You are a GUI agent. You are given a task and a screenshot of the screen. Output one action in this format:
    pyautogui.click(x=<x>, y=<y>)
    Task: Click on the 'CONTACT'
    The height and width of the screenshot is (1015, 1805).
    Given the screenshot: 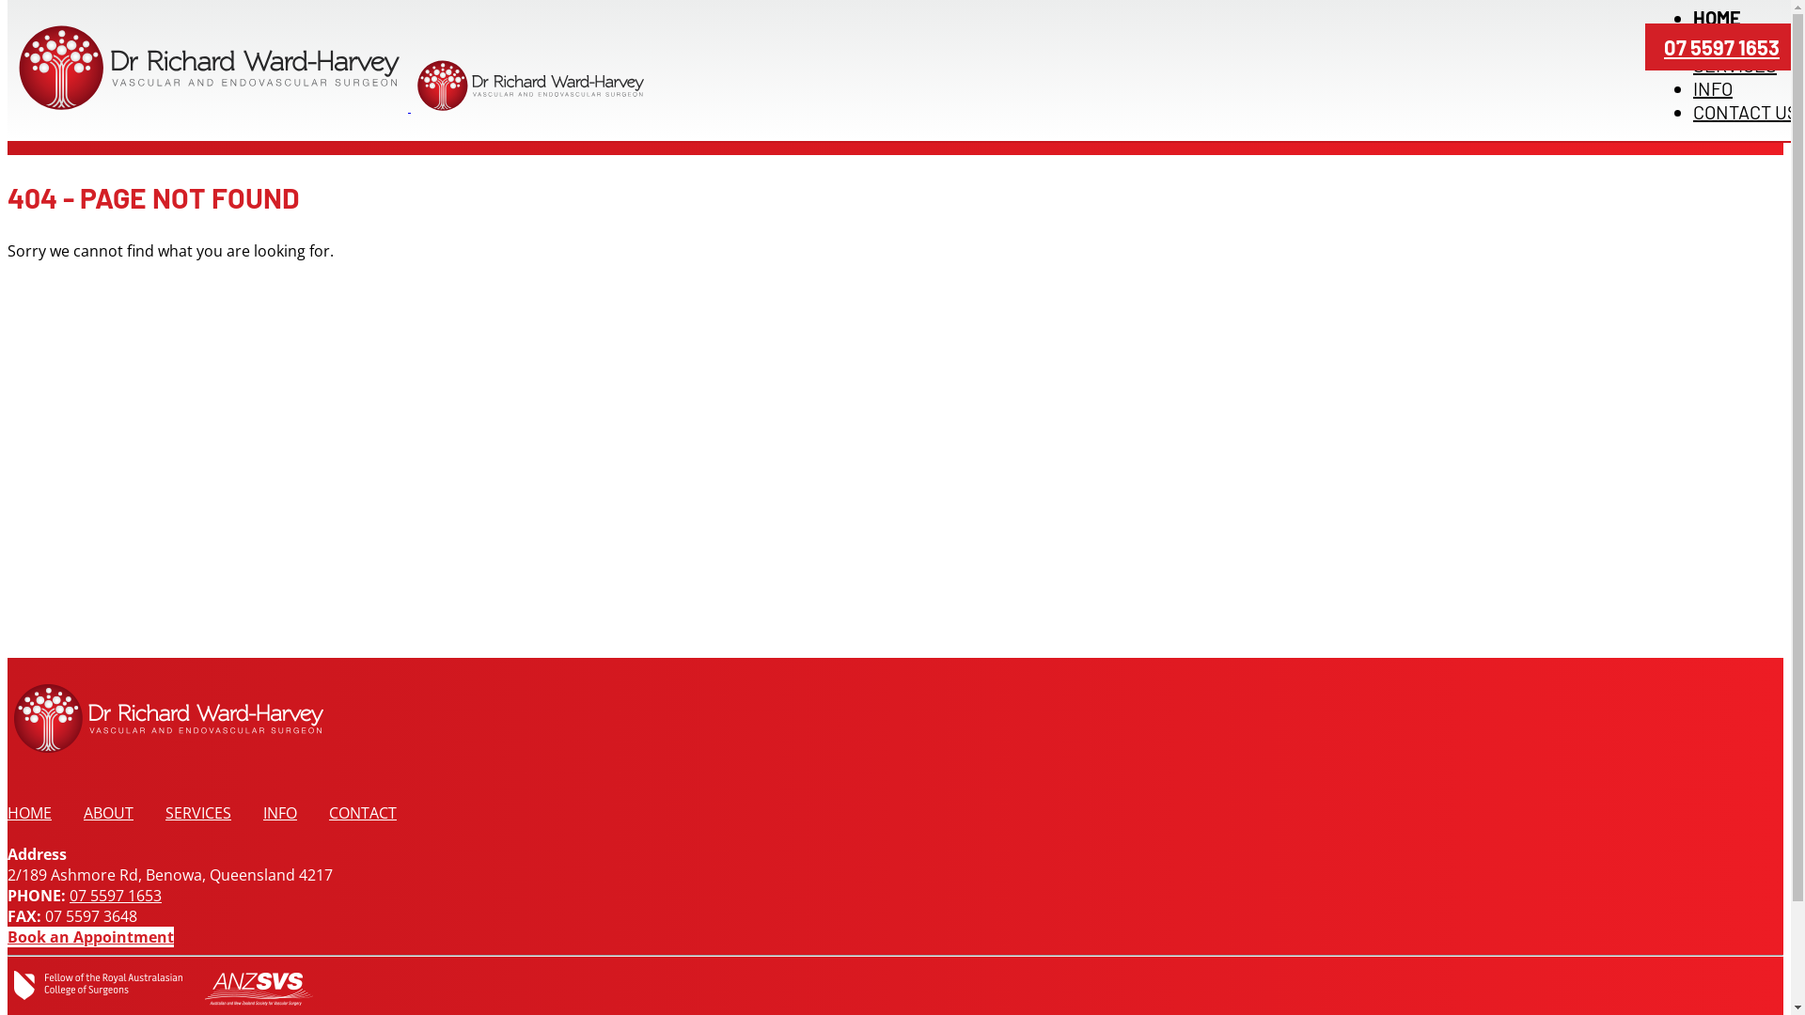 What is the action you would take?
    pyautogui.click(x=362, y=811)
    